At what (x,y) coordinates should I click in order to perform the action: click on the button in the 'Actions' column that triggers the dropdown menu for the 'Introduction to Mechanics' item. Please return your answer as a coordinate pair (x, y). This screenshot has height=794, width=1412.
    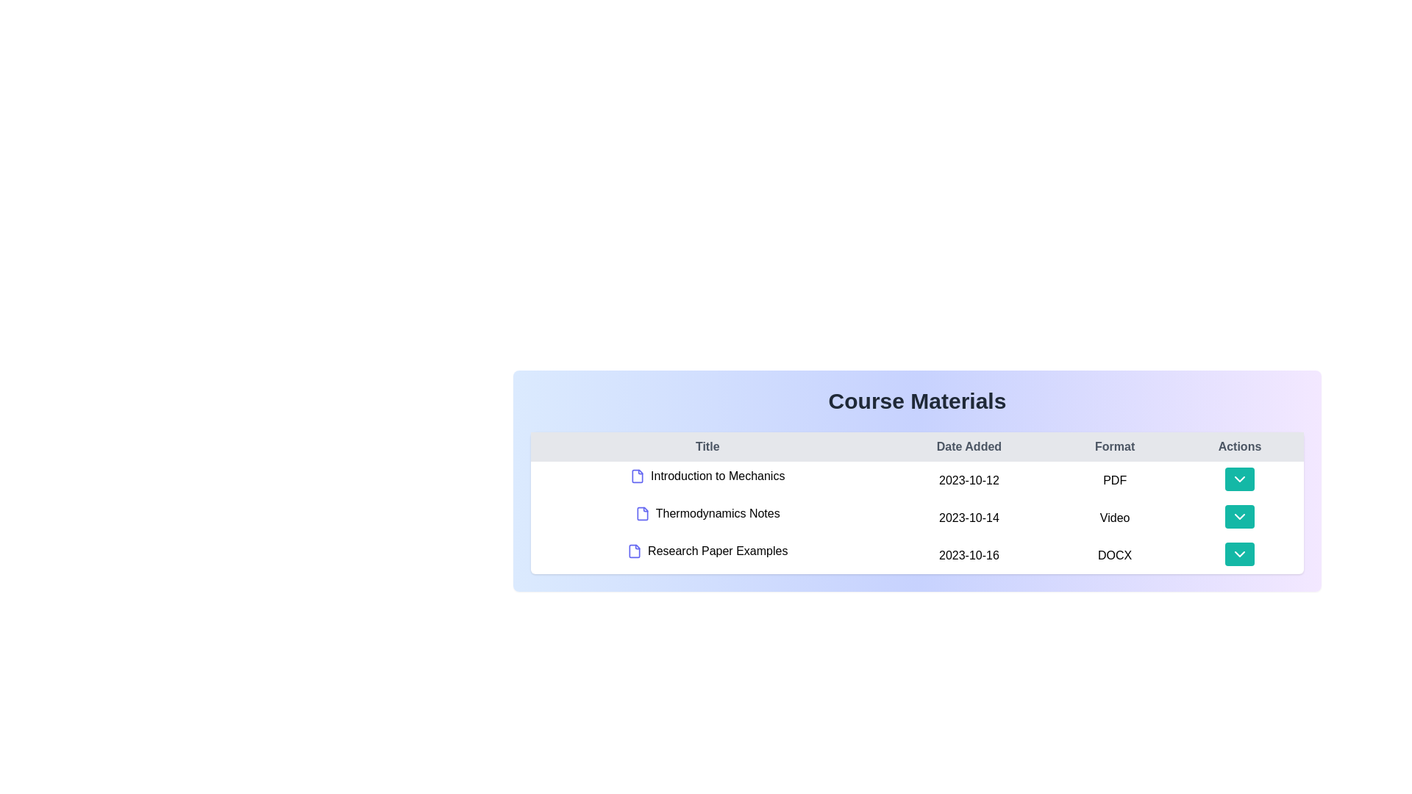
    Looking at the image, I should click on (1238, 479).